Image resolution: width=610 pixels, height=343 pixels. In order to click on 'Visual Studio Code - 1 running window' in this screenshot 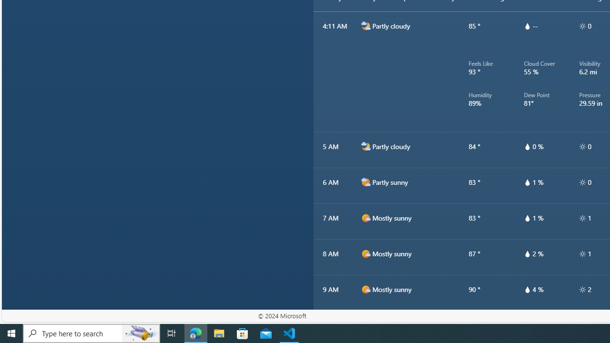, I will do `click(289, 333)`.